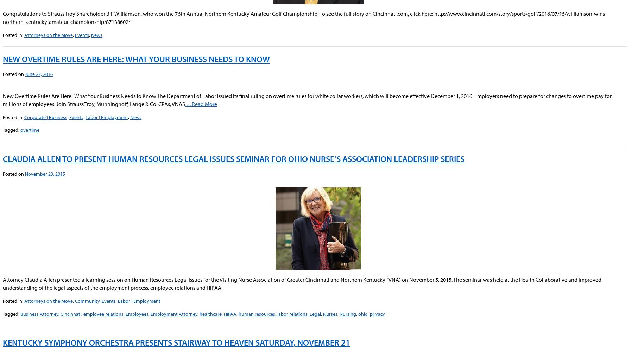 The height and width of the screenshot is (353, 632). I want to click on 'New Overtime Rules Are Here:  What Your Business Needs to Know The Department of Labor issued its final ruling on overtime rules for white collar workers, which will become effective December 1, 2016. Employers need to prepare for changes to overtime pay for millions of employees. Join Strauss Troy, Munninghoff, Lange & Co. CPAs, VNAS', so click(307, 99).